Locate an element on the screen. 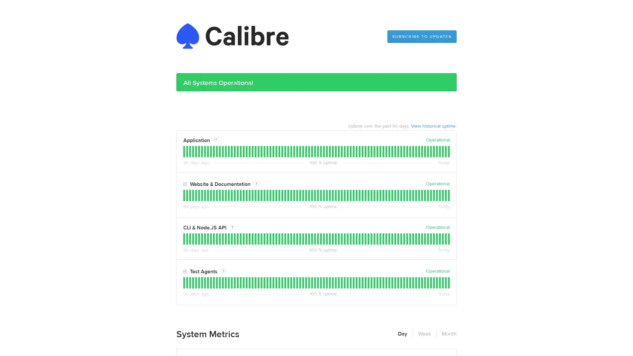 This screenshot has height=356, width=633. Toggle Website & Documentation is located at coordinates (185, 184).